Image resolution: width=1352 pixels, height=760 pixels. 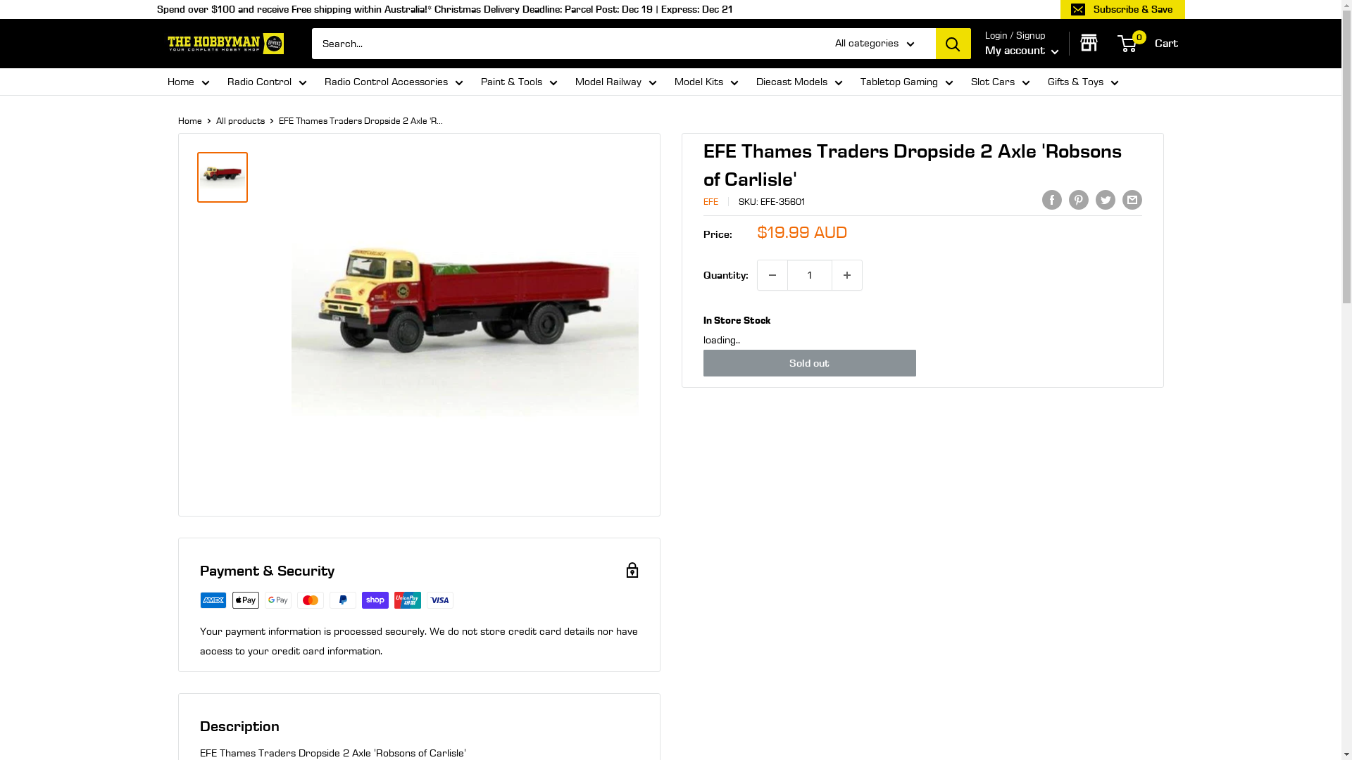 I want to click on 'Model Railway', so click(x=615, y=81).